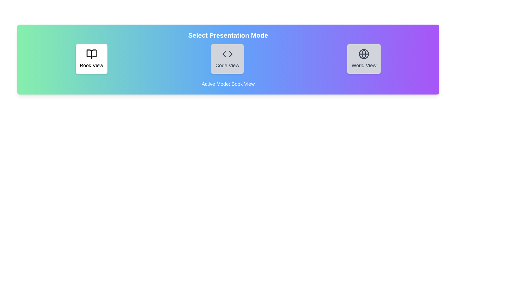 The width and height of the screenshot is (525, 295). What do you see at coordinates (364, 59) in the screenshot?
I see `the mode by clicking on the button corresponding to the mode name World View` at bounding box center [364, 59].